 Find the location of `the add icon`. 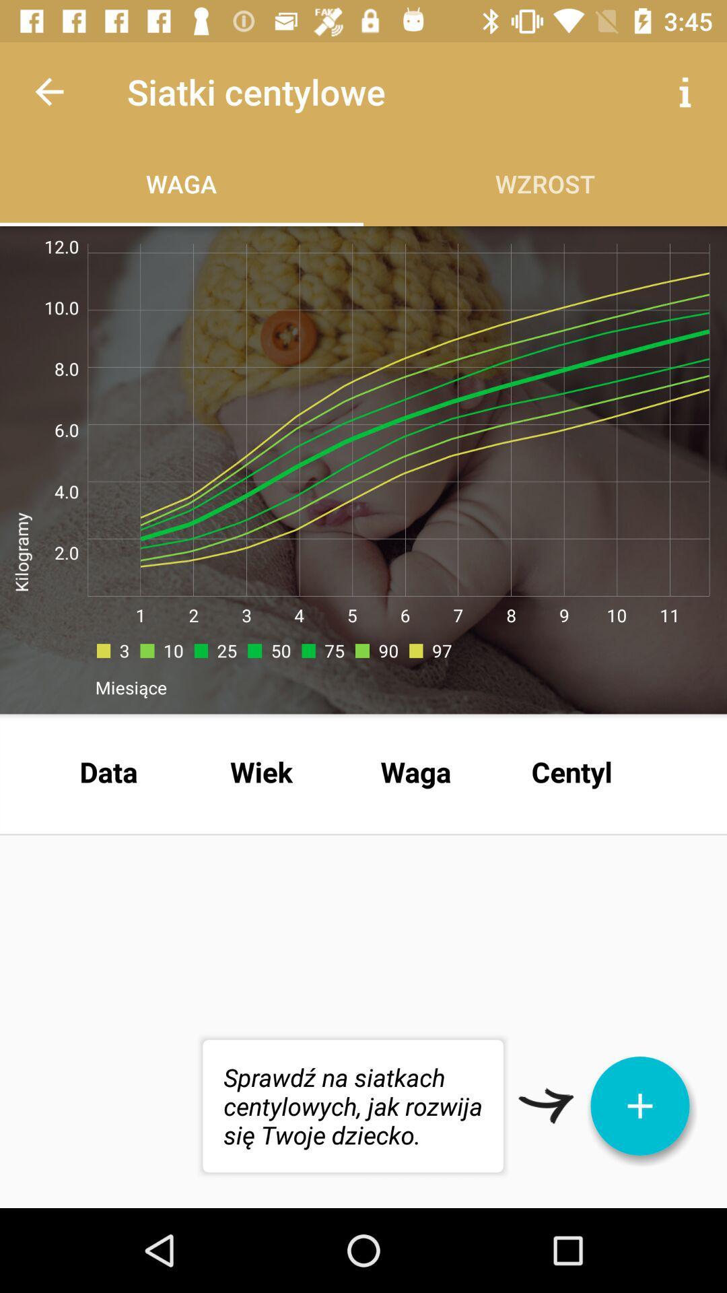

the add icon is located at coordinates (639, 1106).